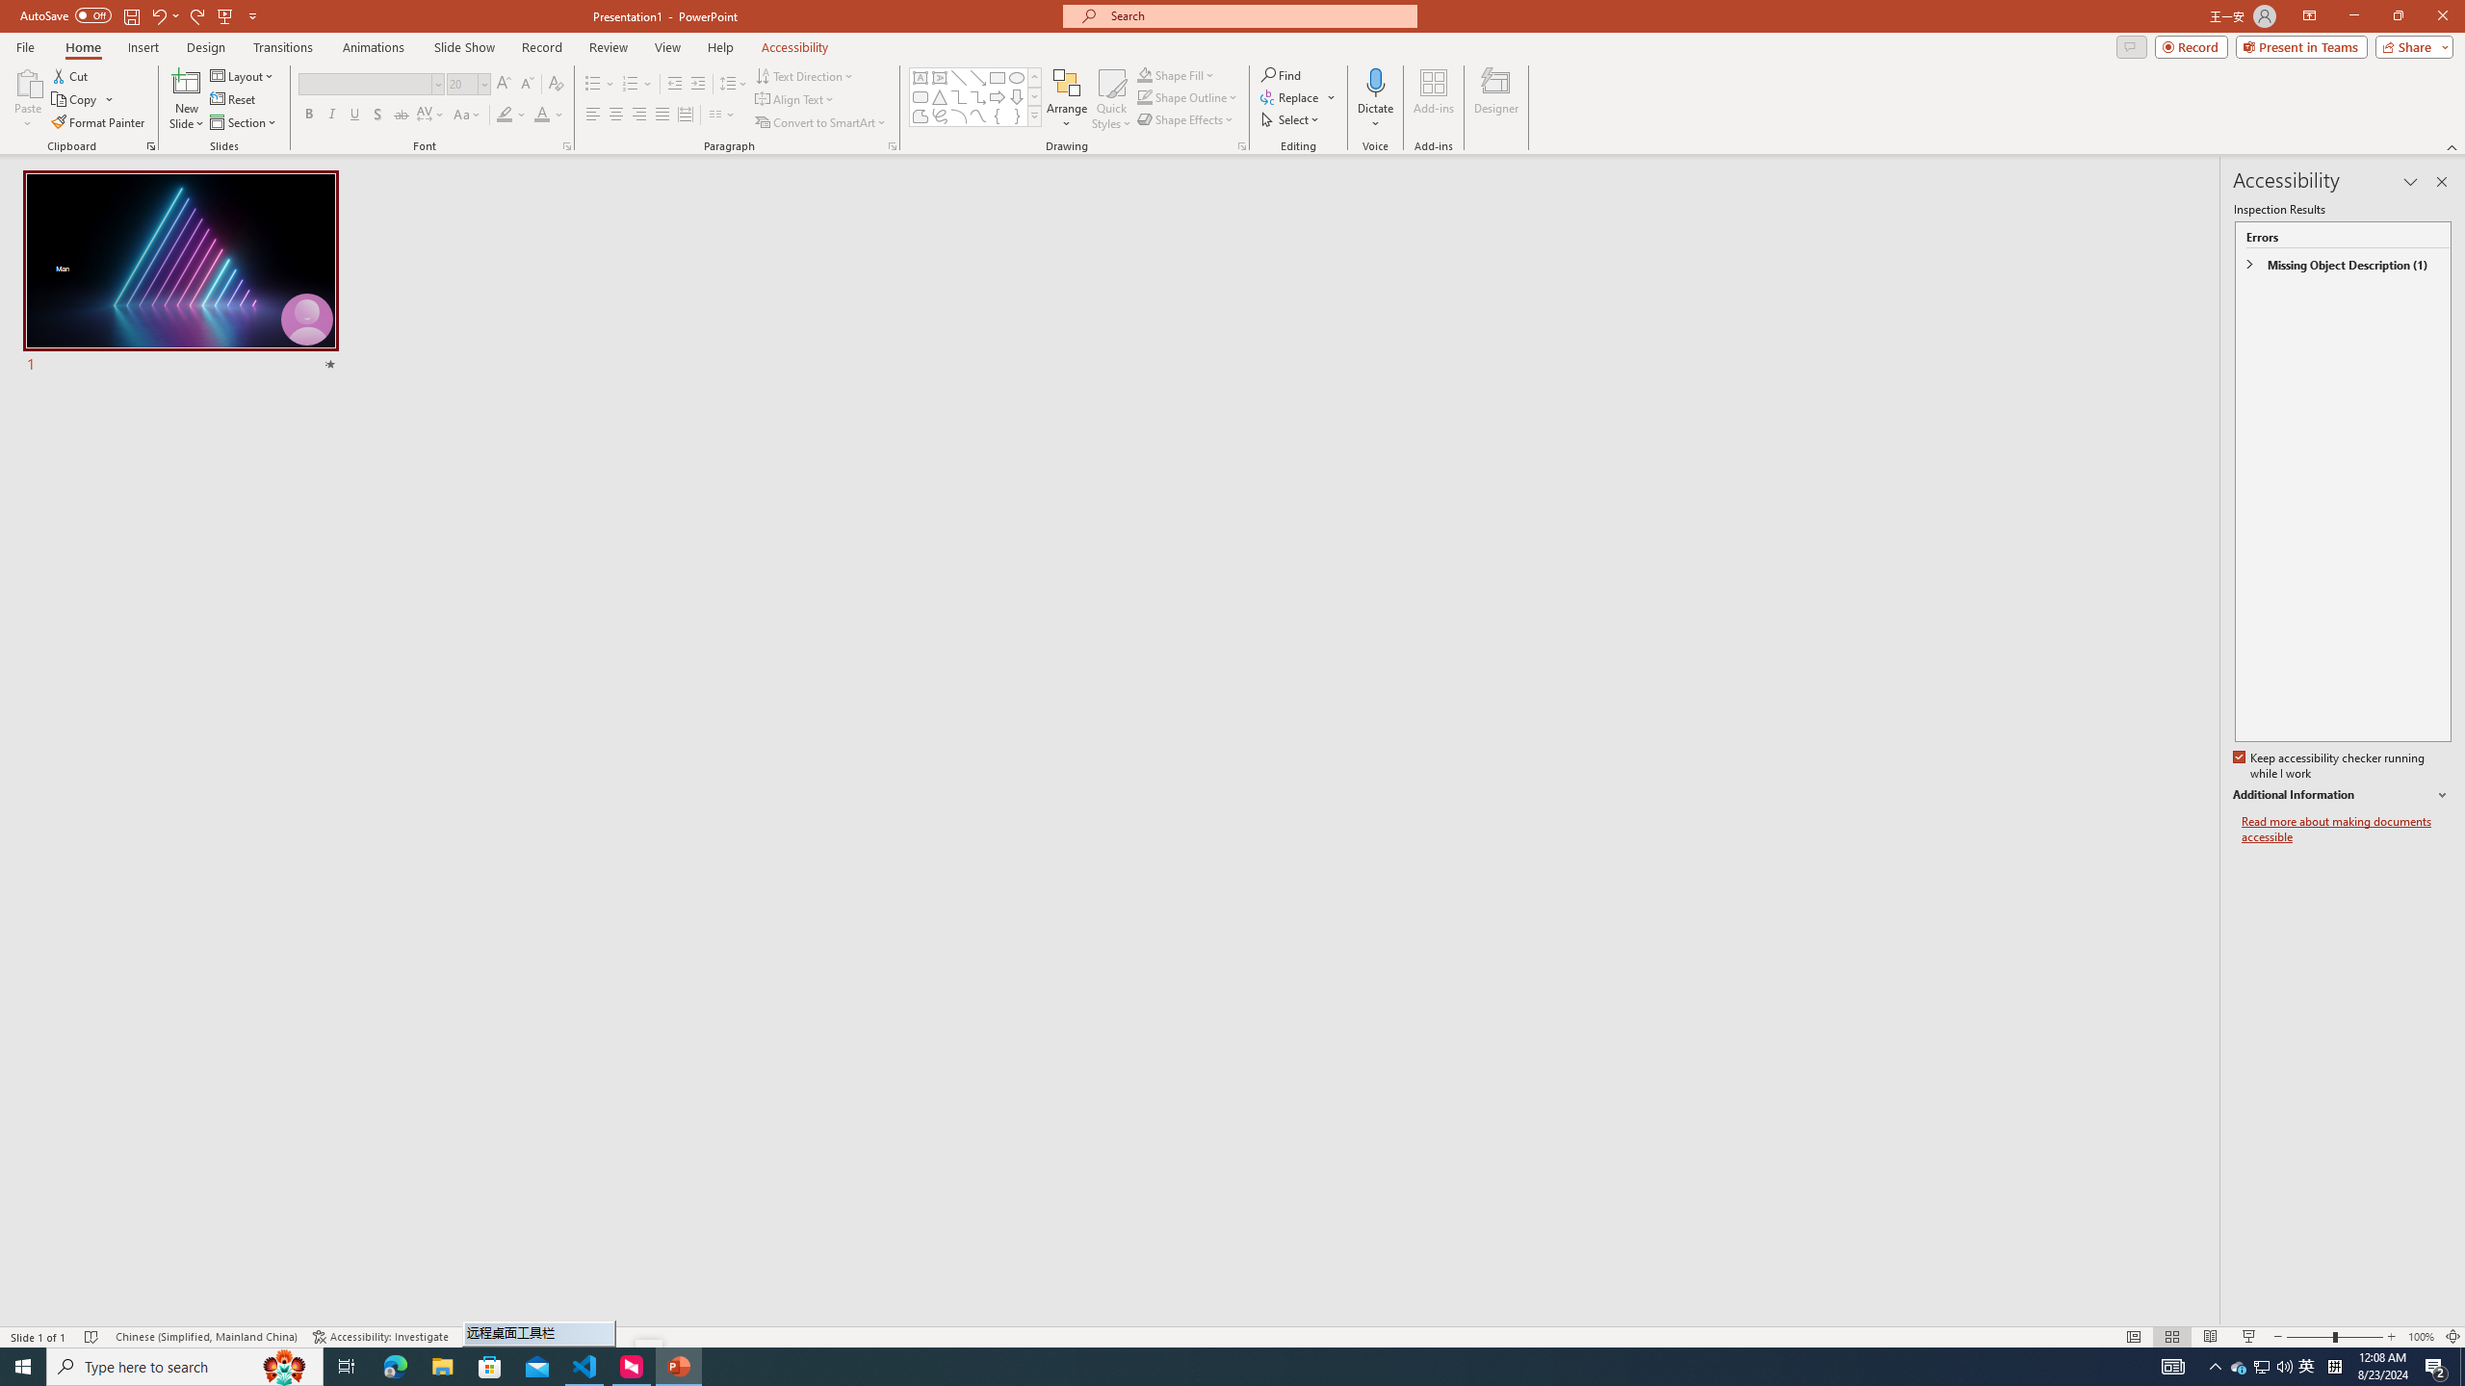 The width and height of the screenshot is (2465, 1386). I want to click on 'Zoom 100%', so click(2422, 1337).